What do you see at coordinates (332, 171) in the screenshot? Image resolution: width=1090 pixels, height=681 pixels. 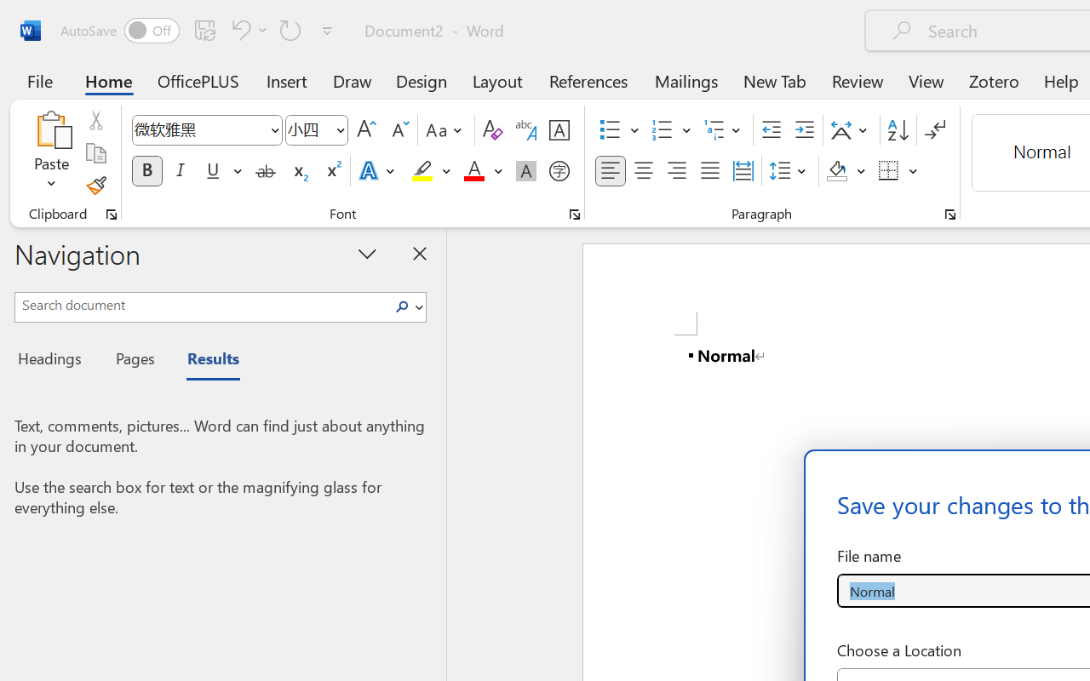 I see `'Superscript'` at bounding box center [332, 171].